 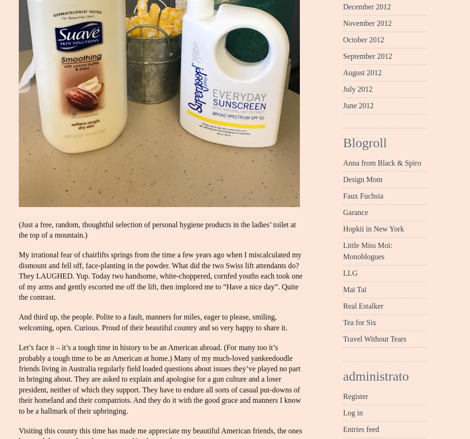 What do you see at coordinates (363, 305) in the screenshot?
I see `'Real Estalker'` at bounding box center [363, 305].